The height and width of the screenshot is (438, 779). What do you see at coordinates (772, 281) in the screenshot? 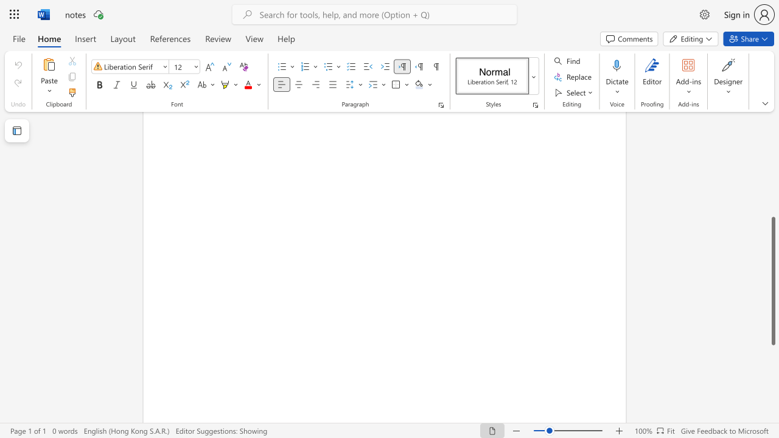
I see `the scrollbar and move up 280 pixels` at bounding box center [772, 281].